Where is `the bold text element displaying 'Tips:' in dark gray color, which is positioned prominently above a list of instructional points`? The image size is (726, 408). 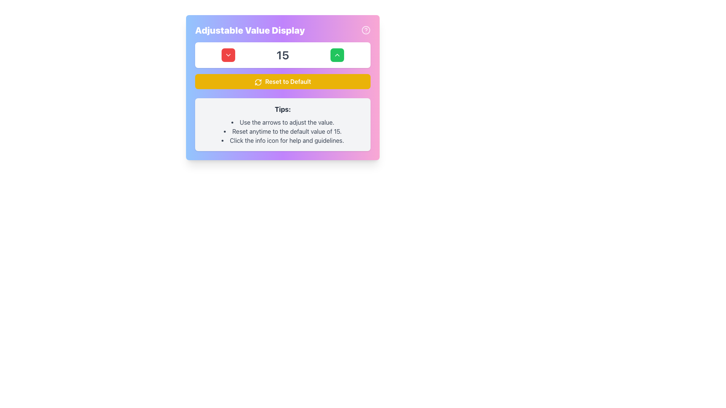 the bold text element displaying 'Tips:' in dark gray color, which is positioned prominently above a list of instructional points is located at coordinates (282, 109).